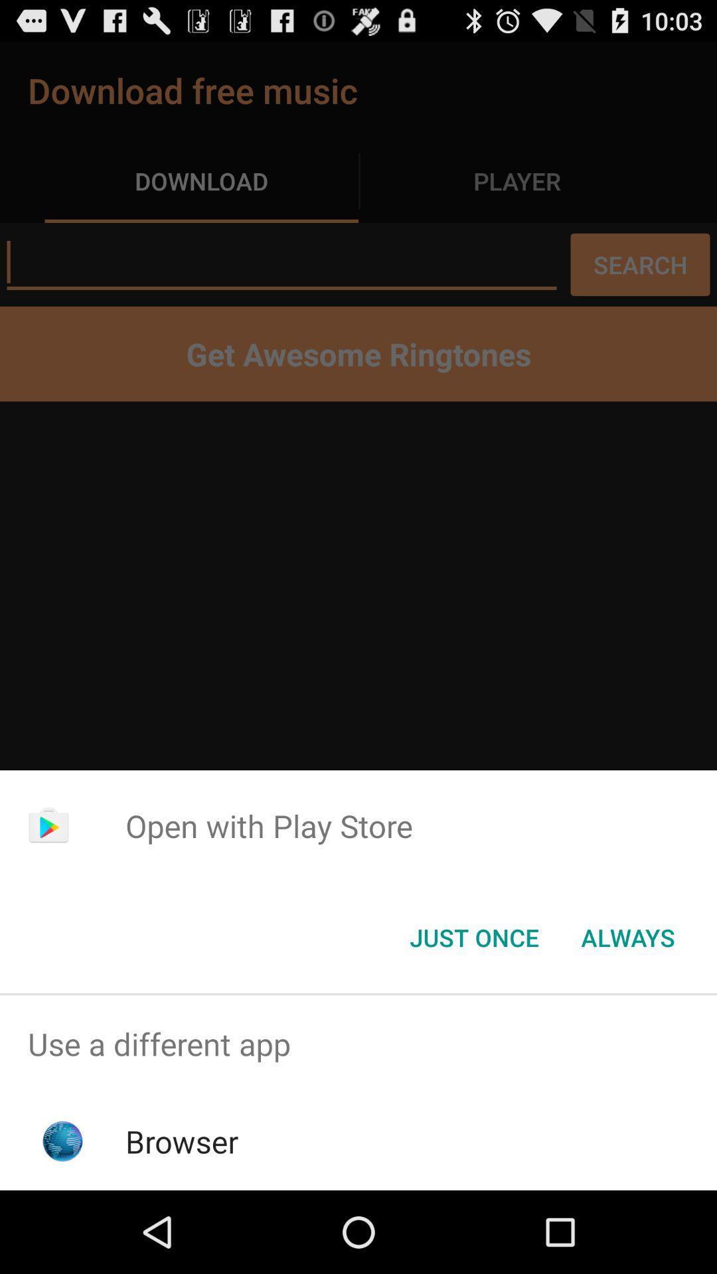 This screenshot has width=717, height=1274. Describe the element at coordinates (627, 936) in the screenshot. I see `the item next to just once icon` at that location.